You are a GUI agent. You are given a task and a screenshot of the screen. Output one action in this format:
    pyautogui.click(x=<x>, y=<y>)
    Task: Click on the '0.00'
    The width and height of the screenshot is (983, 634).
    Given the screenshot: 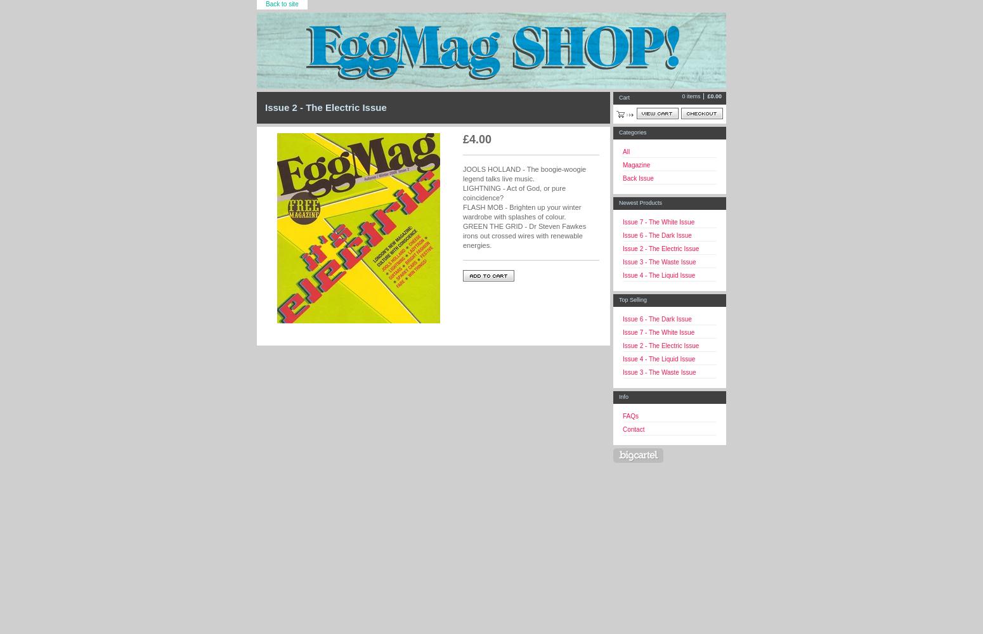 What is the action you would take?
    pyautogui.click(x=715, y=96)
    